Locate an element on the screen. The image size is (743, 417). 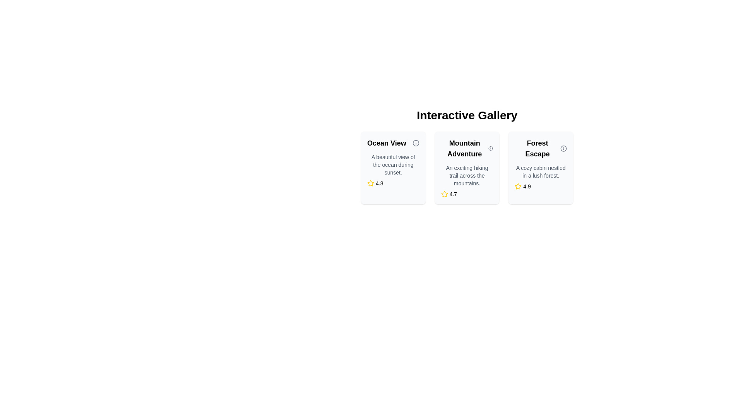
the information icon styled with a circular outline and an 'i' character, located to the right of the text 'Forest Escape' is located at coordinates (563, 149).